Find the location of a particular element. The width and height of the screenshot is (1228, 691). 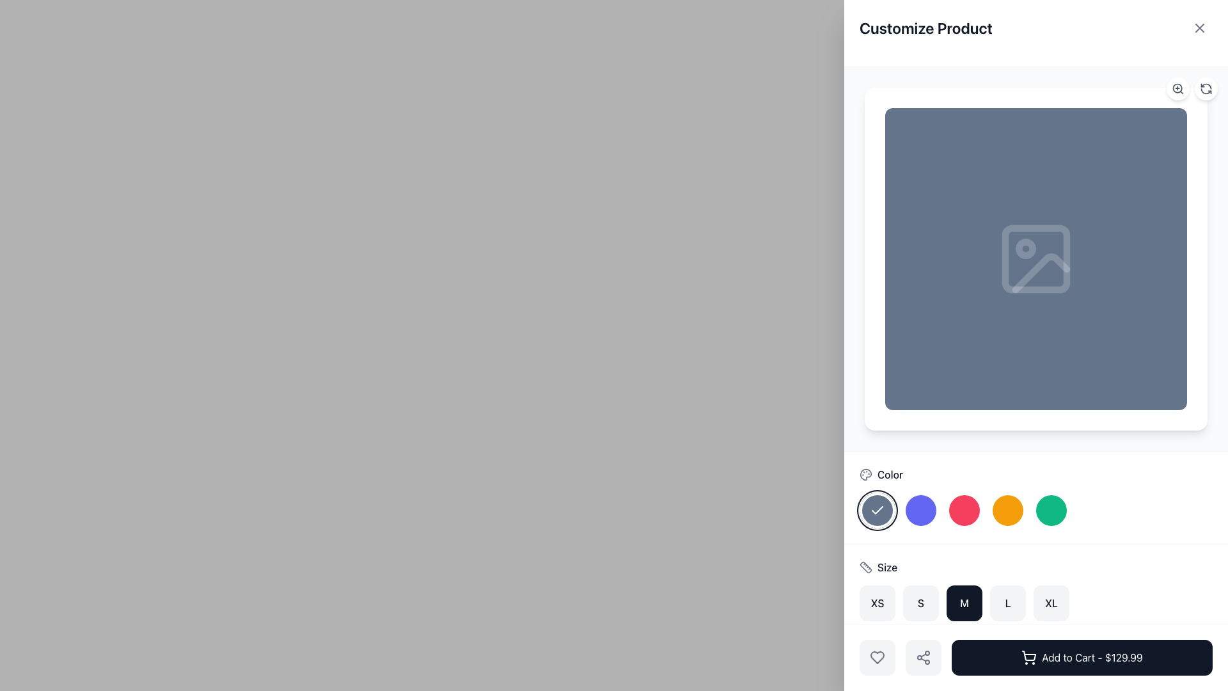

the fifth button in the horizontal row of color selection options is located at coordinates (1036, 510).